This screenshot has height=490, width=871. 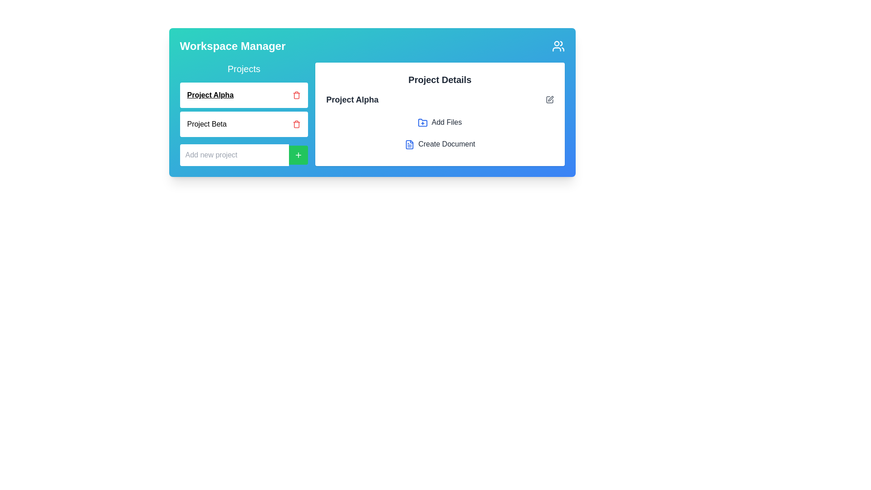 What do you see at coordinates (549, 99) in the screenshot?
I see `the edit icon button located in the top-right corner of the 'Project Details' section to initiate editing for 'Project Alpha'` at bounding box center [549, 99].